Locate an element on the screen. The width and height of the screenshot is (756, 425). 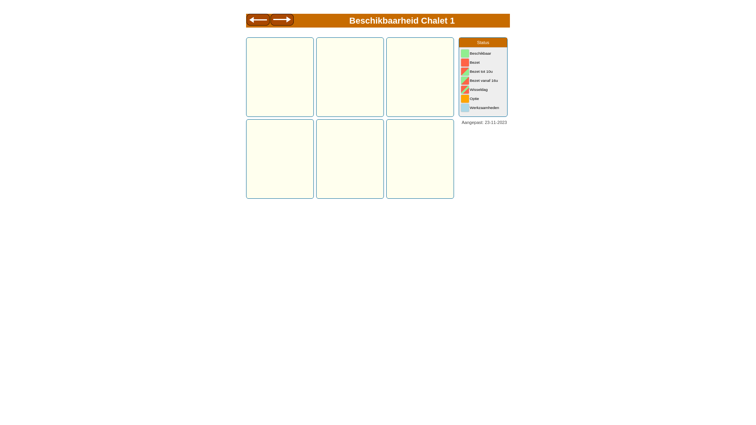
'Vorige maanden' is located at coordinates (258, 20).